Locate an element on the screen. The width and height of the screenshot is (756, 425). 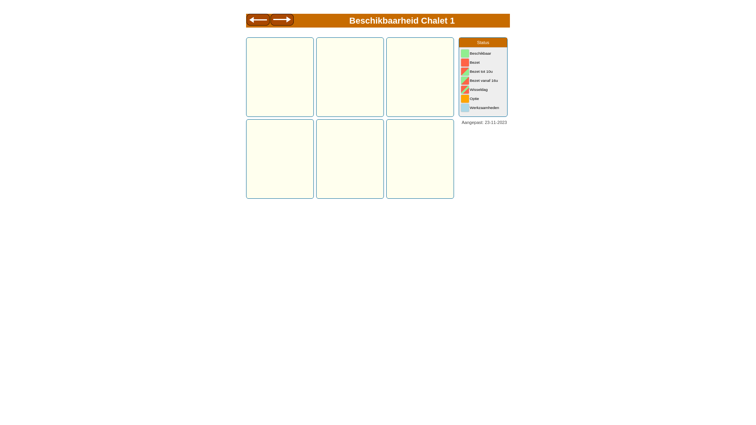
'Vorige maanden' is located at coordinates (258, 20).